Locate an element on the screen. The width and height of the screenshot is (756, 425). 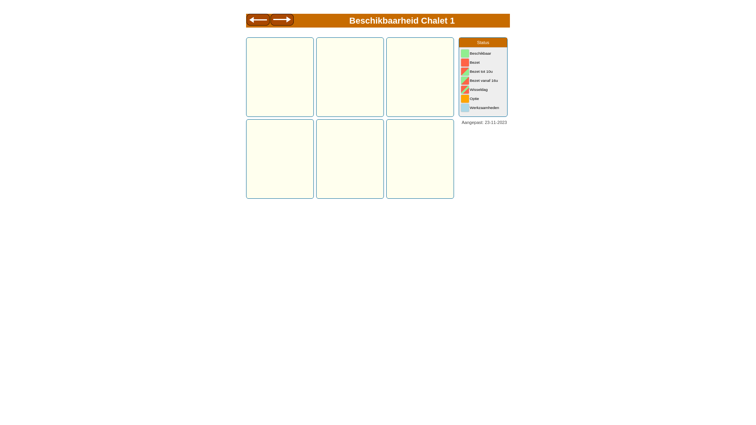
'Vorige maanden' is located at coordinates (258, 20).